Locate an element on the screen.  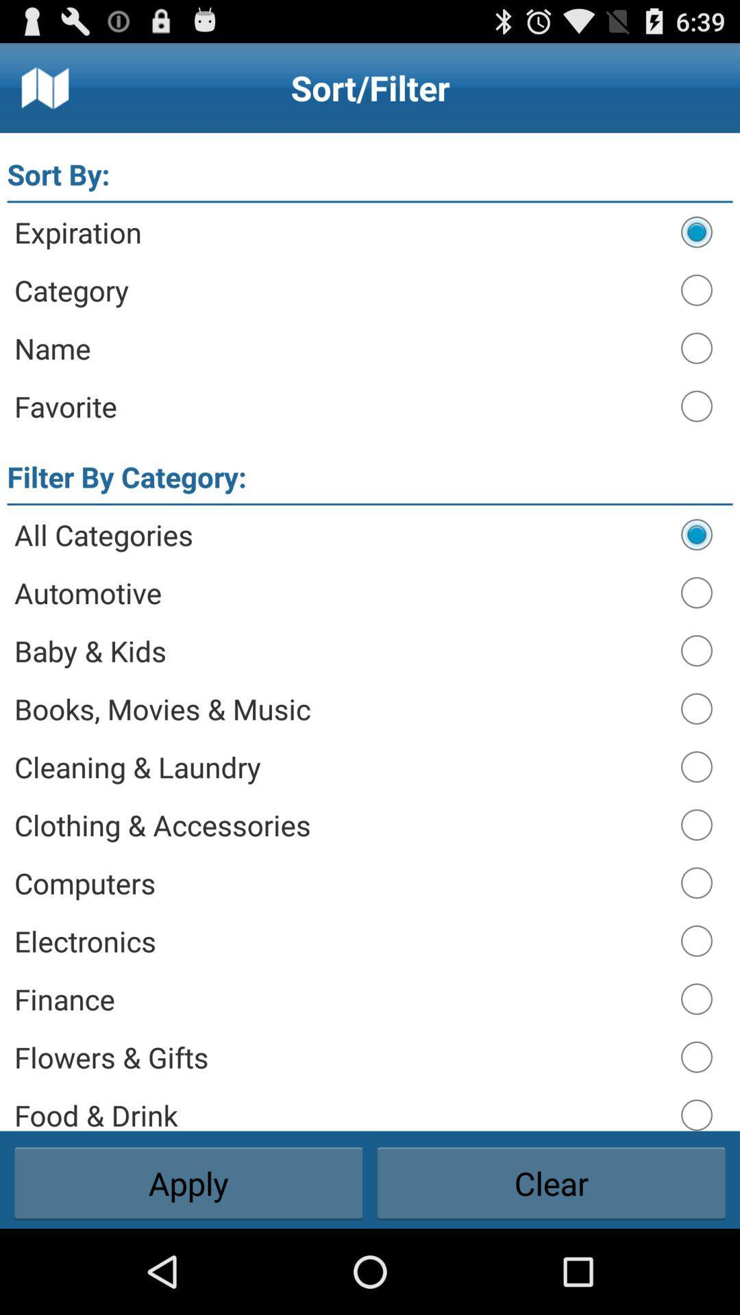
clear is located at coordinates (551, 1183).